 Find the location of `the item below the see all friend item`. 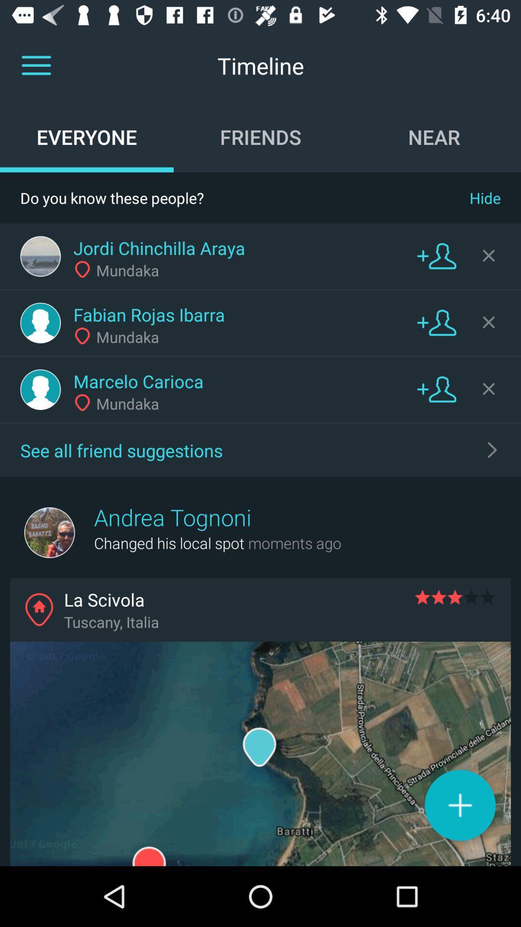

the item below the see all friend item is located at coordinates (172, 517).